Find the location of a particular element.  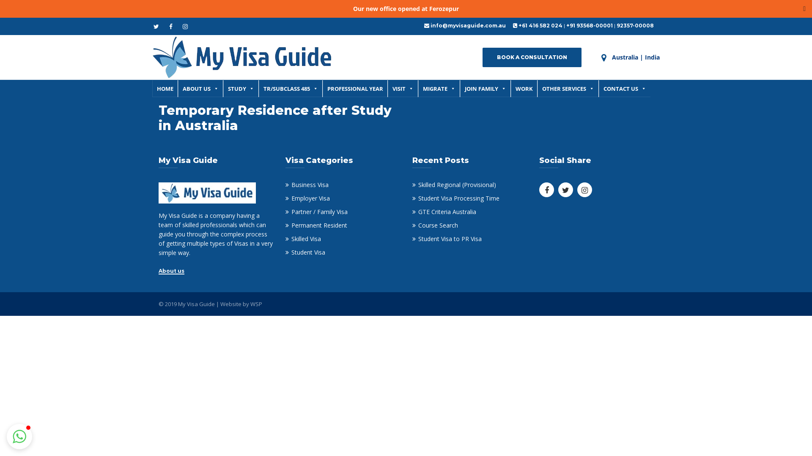

'About us' is located at coordinates (171, 271).